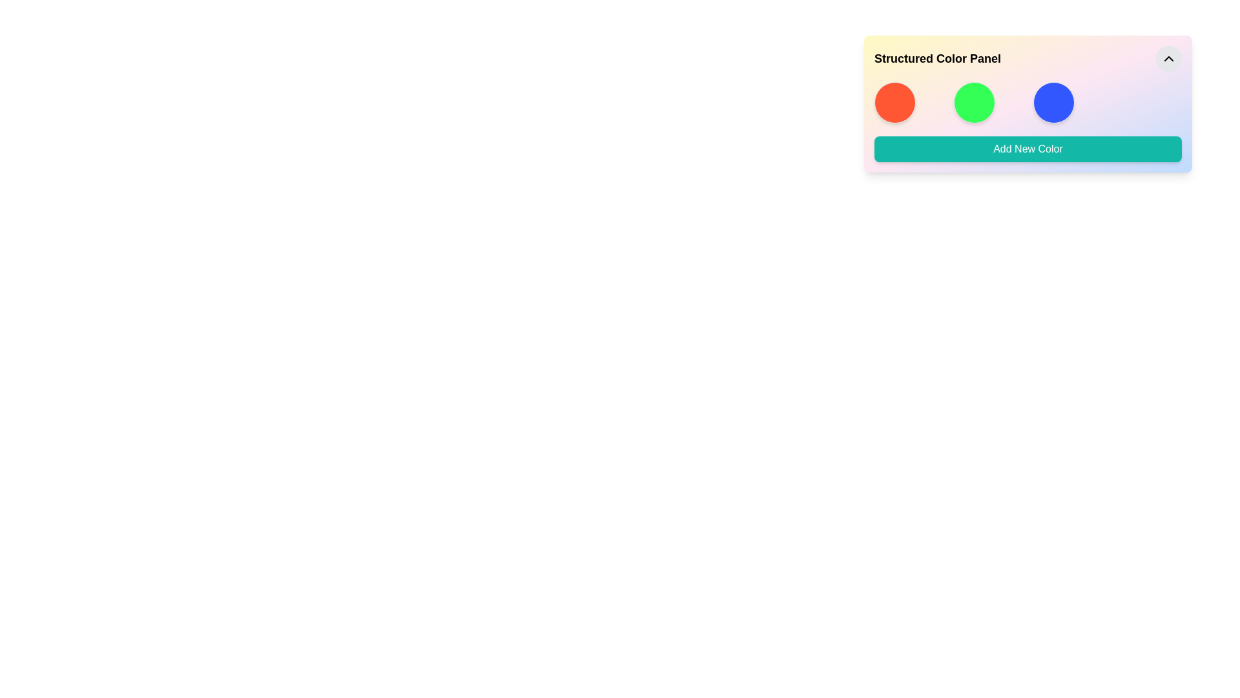  What do you see at coordinates (894, 101) in the screenshot?
I see `the leftmost circular button in the color panel` at bounding box center [894, 101].